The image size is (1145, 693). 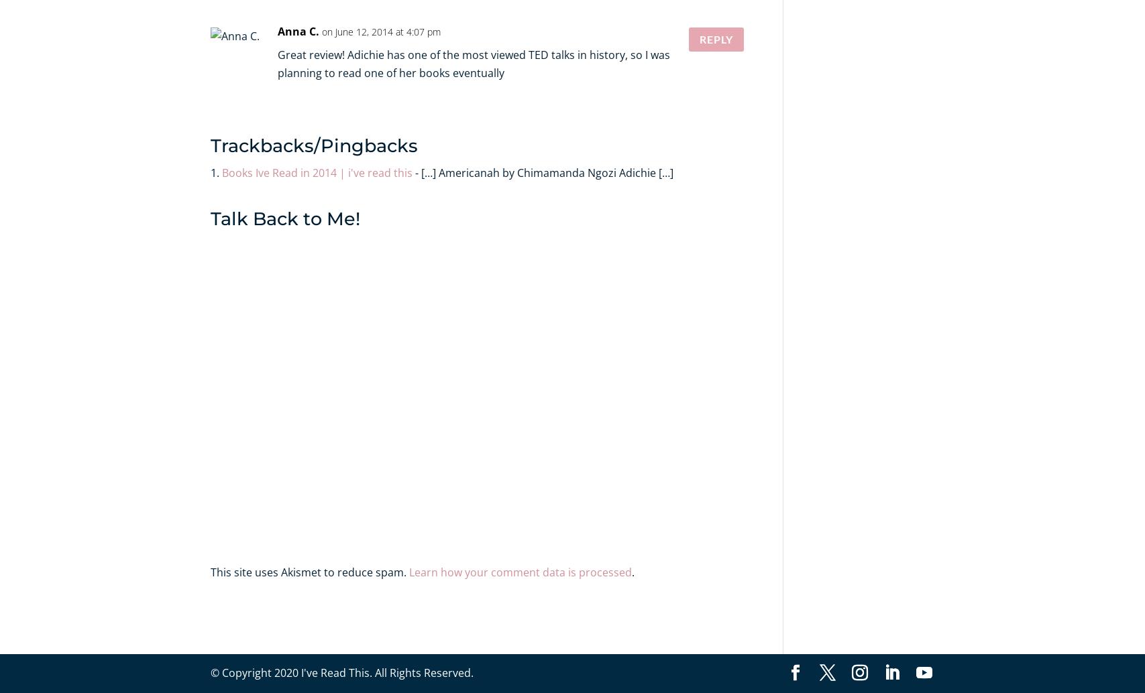 What do you see at coordinates (408, 571) in the screenshot?
I see `'Learn how your comment data is processed'` at bounding box center [408, 571].